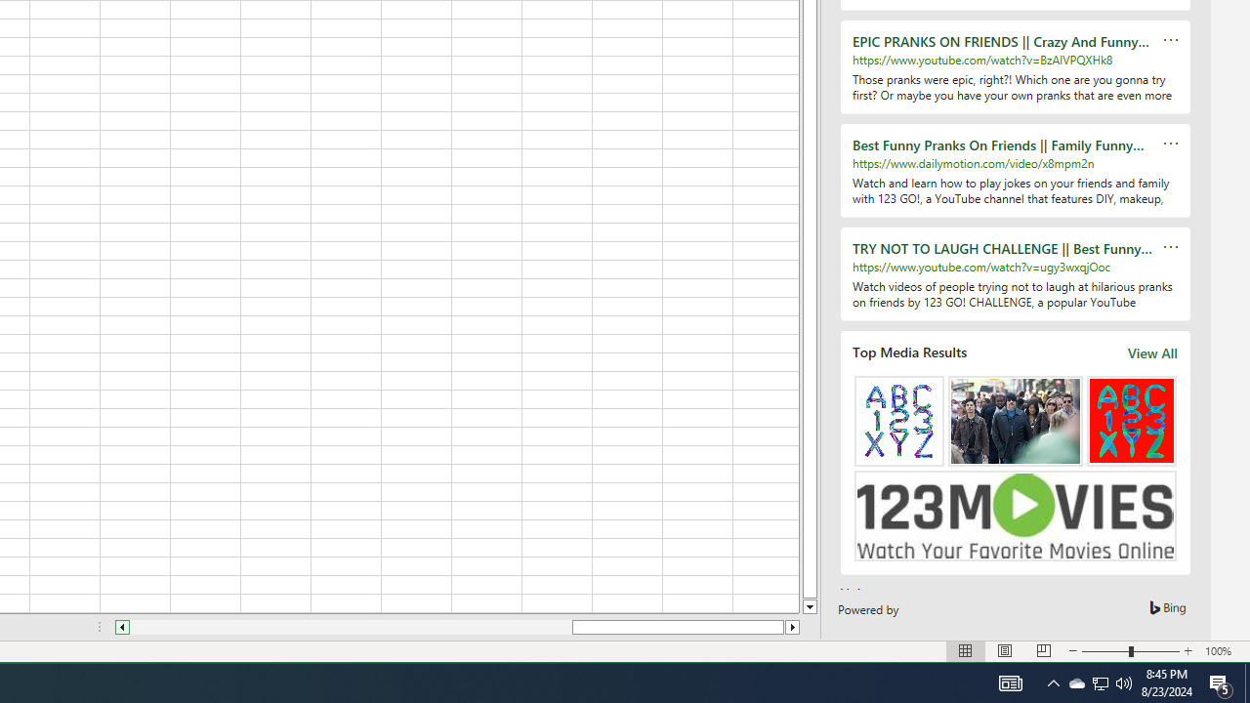 The image size is (1250, 703). What do you see at coordinates (793, 627) in the screenshot?
I see `'Column right'` at bounding box center [793, 627].